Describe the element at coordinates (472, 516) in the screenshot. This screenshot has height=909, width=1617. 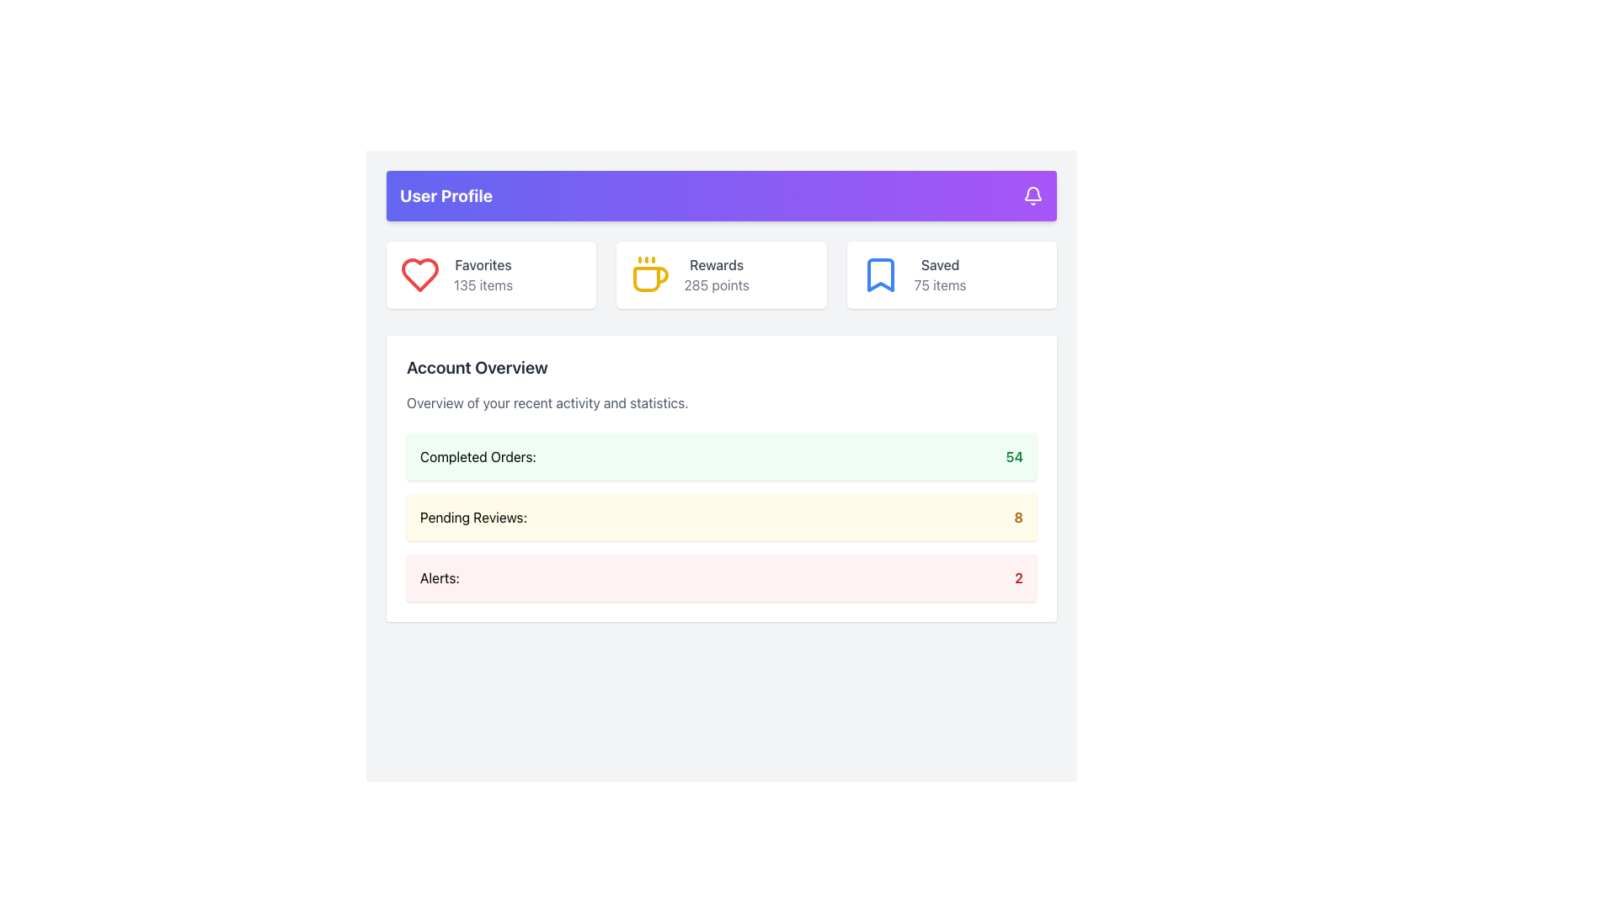
I see `the Text Label indicating the number of pending reviews in the Account Overview section, which is located to the left of the numeric value '8'` at that location.